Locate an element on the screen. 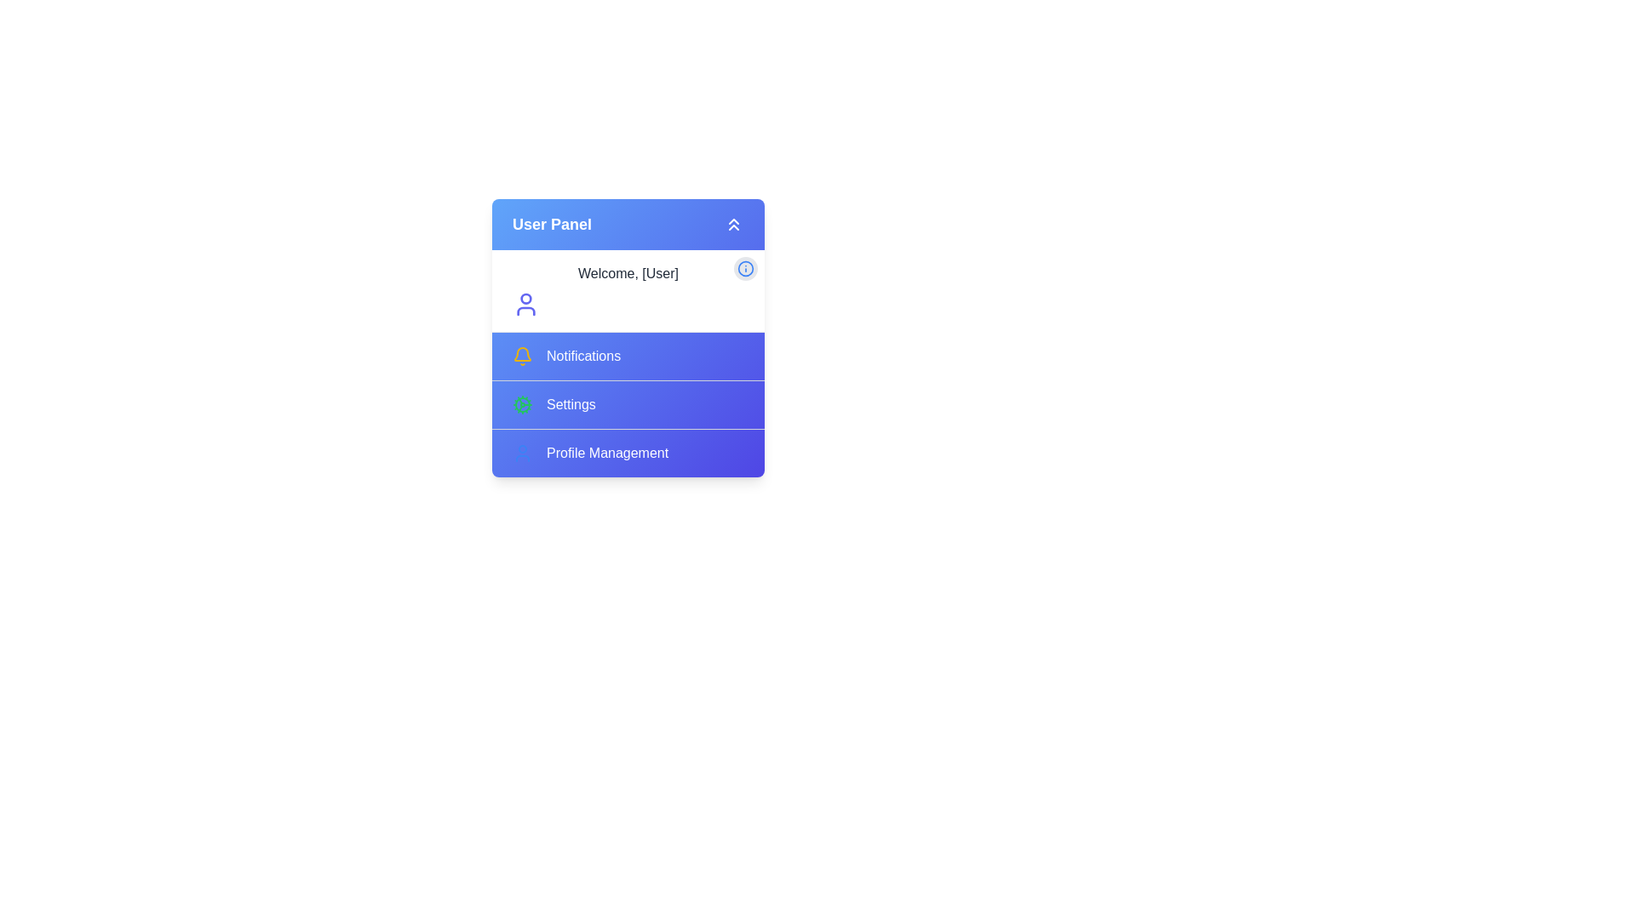 The height and width of the screenshot is (919, 1635). the information icon in the EnhancedUserMenu component is located at coordinates (745, 268).